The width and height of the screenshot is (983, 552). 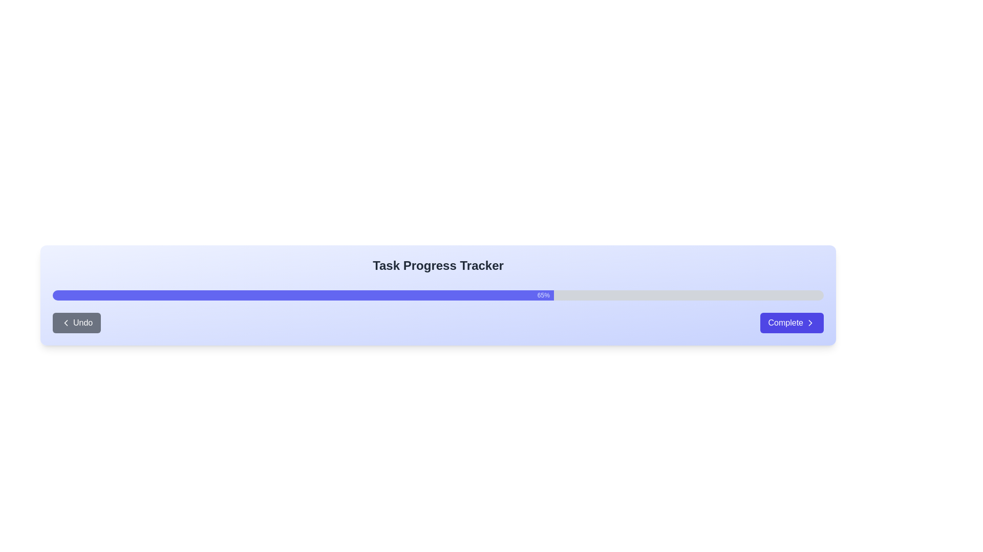 What do you see at coordinates (66, 323) in the screenshot?
I see `the left-pointing chevron icon within the dark gray 'Undo' button` at bounding box center [66, 323].